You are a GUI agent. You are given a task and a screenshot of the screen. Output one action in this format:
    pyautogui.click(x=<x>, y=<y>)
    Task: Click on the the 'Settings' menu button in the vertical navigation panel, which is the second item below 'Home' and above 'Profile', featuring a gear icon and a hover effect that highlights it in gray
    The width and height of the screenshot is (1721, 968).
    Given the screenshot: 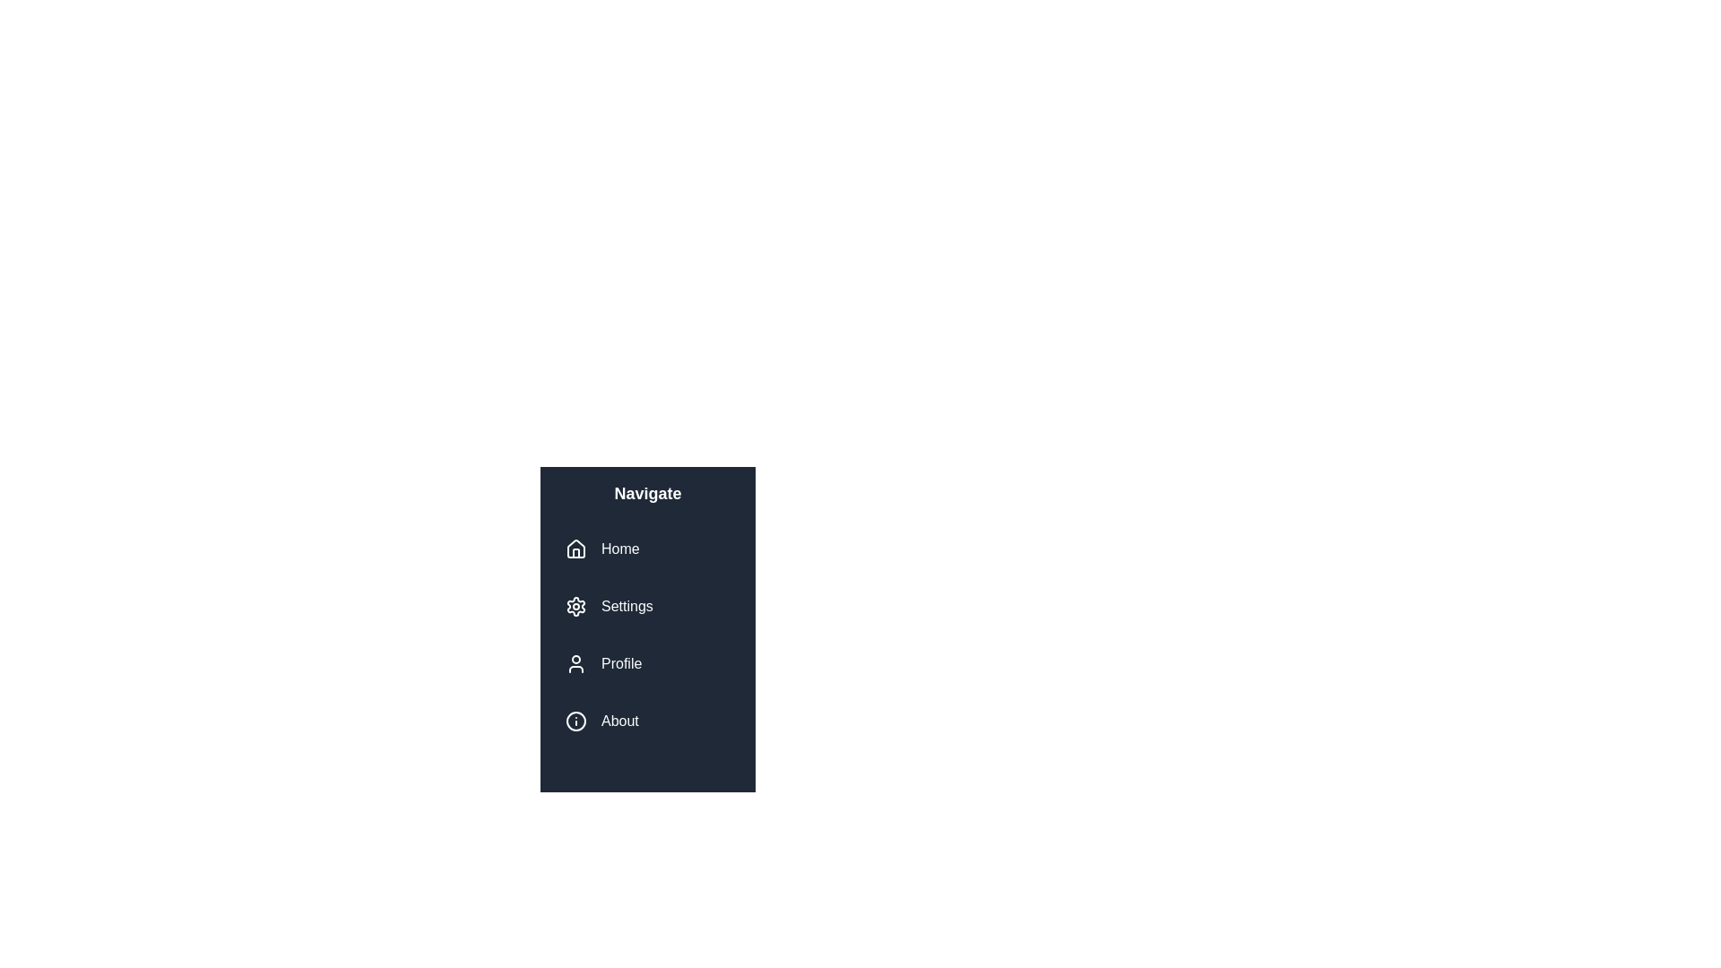 What is the action you would take?
    pyautogui.click(x=647, y=606)
    